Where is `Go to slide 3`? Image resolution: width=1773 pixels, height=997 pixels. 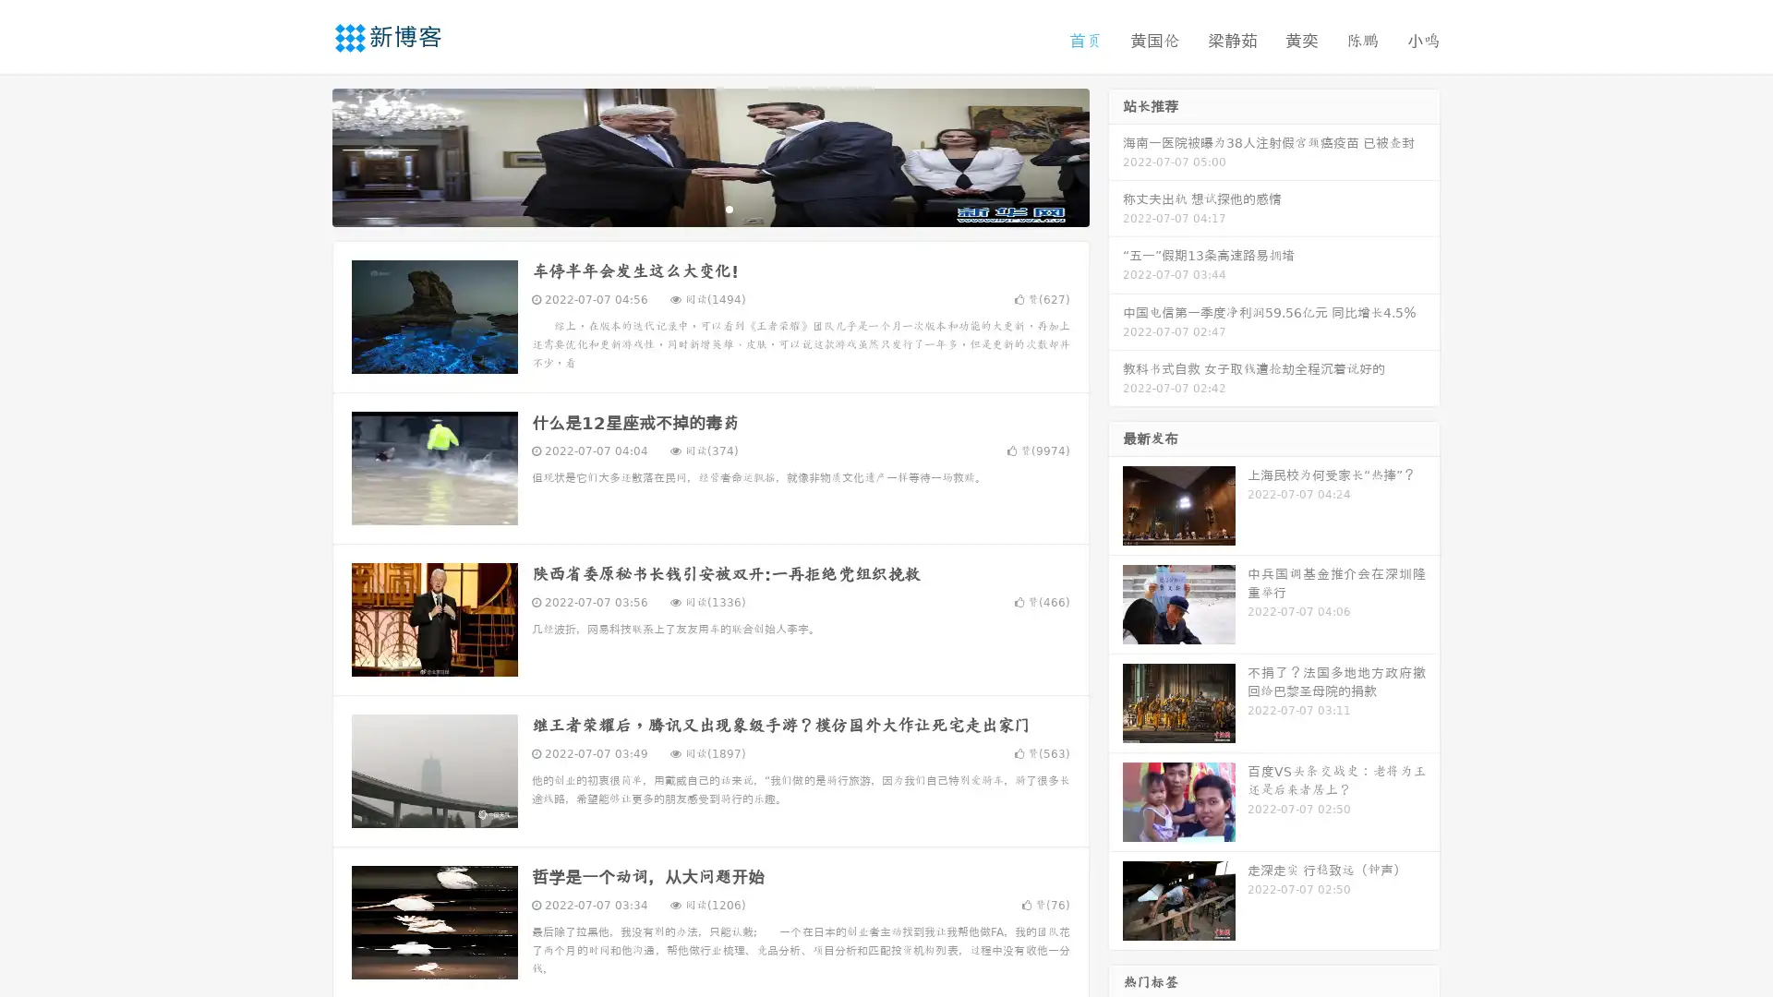 Go to slide 3 is located at coordinates (729, 208).